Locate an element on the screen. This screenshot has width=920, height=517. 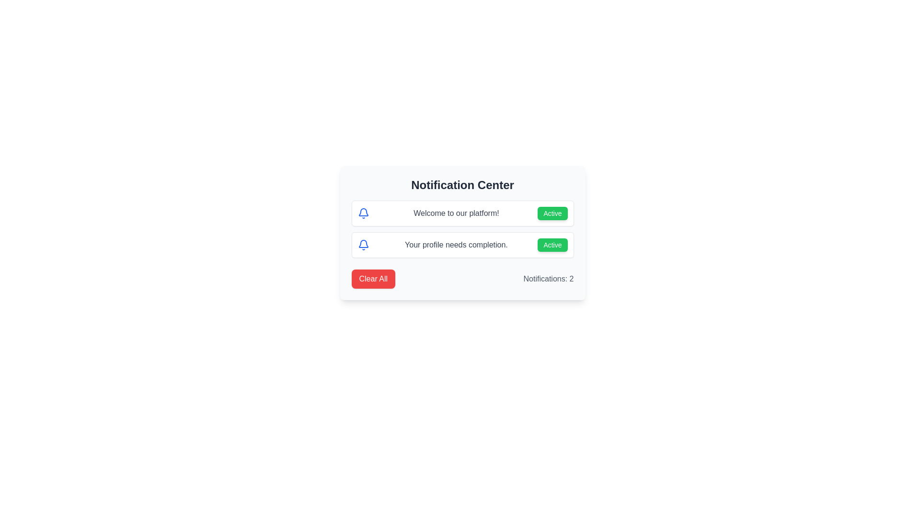
the text label in the second notification message which provides information about profile completion, located between the bell icon and the green 'Active' button is located at coordinates (456, 245).